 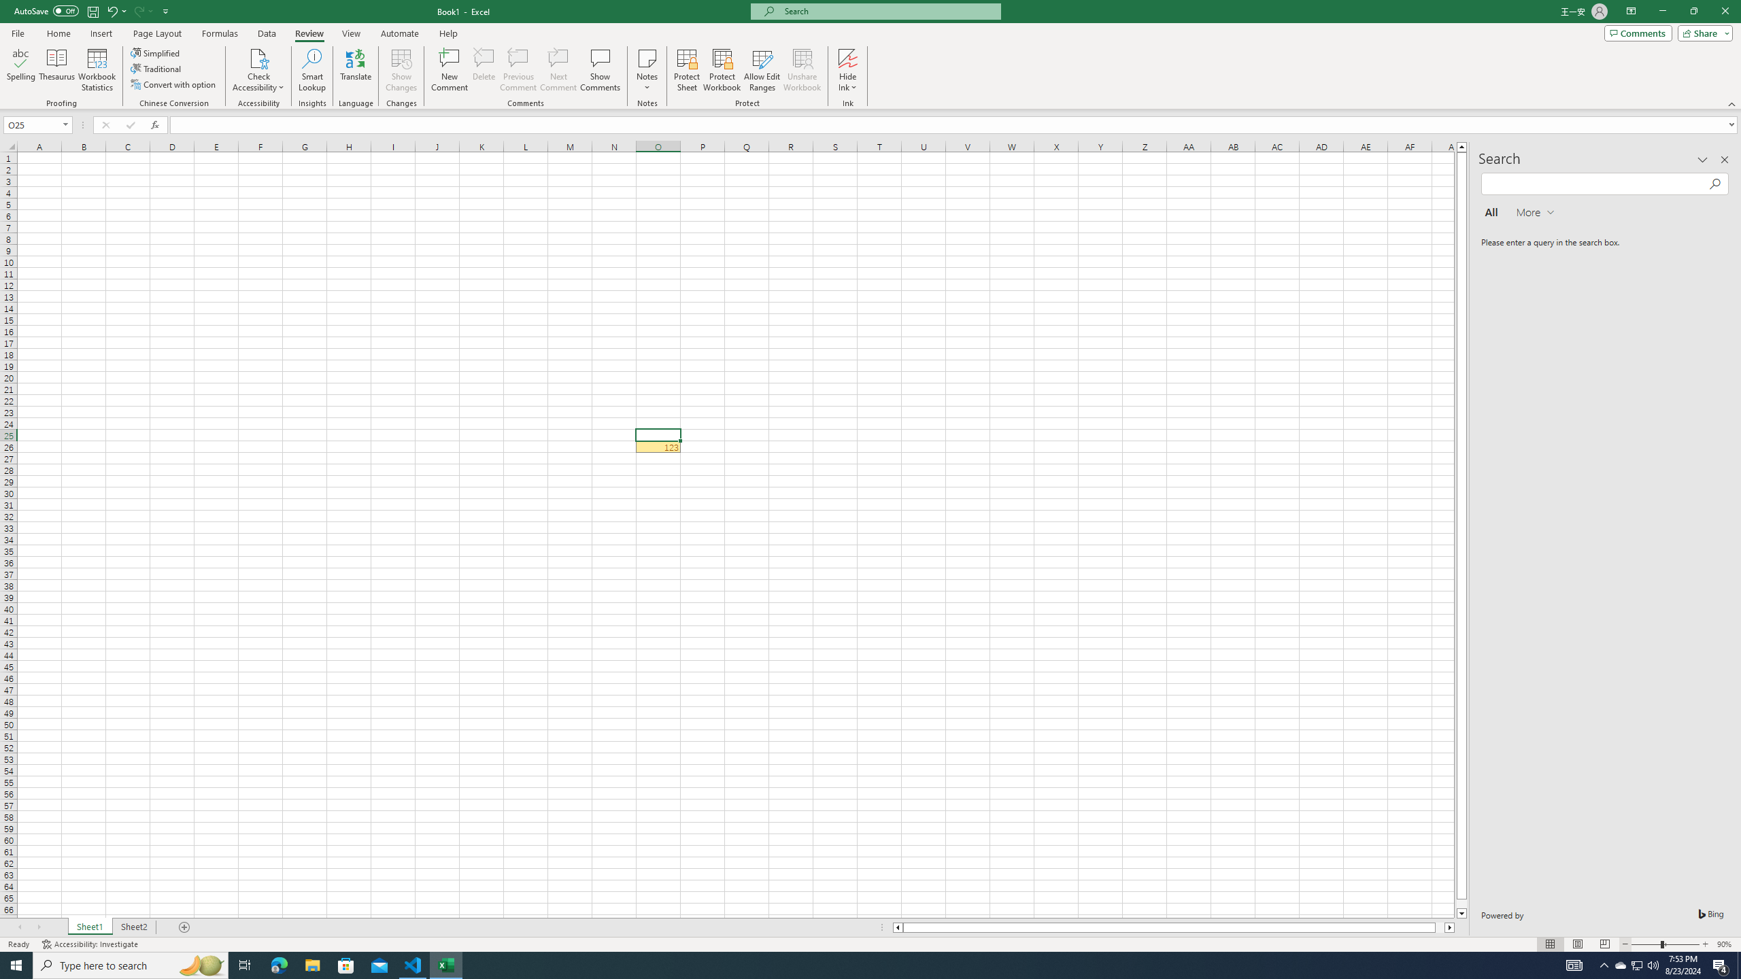 What do you see at coordinates (156, 52) in the screenshot?
I see `'Simplified'` at bounding box center [156, 52].